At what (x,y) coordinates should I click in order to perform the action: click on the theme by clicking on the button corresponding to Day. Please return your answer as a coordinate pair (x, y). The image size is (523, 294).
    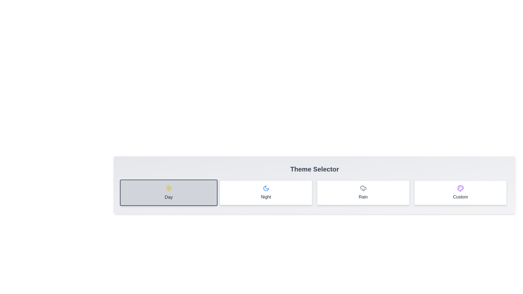
    Looking at the image, I should click on (168, 192).